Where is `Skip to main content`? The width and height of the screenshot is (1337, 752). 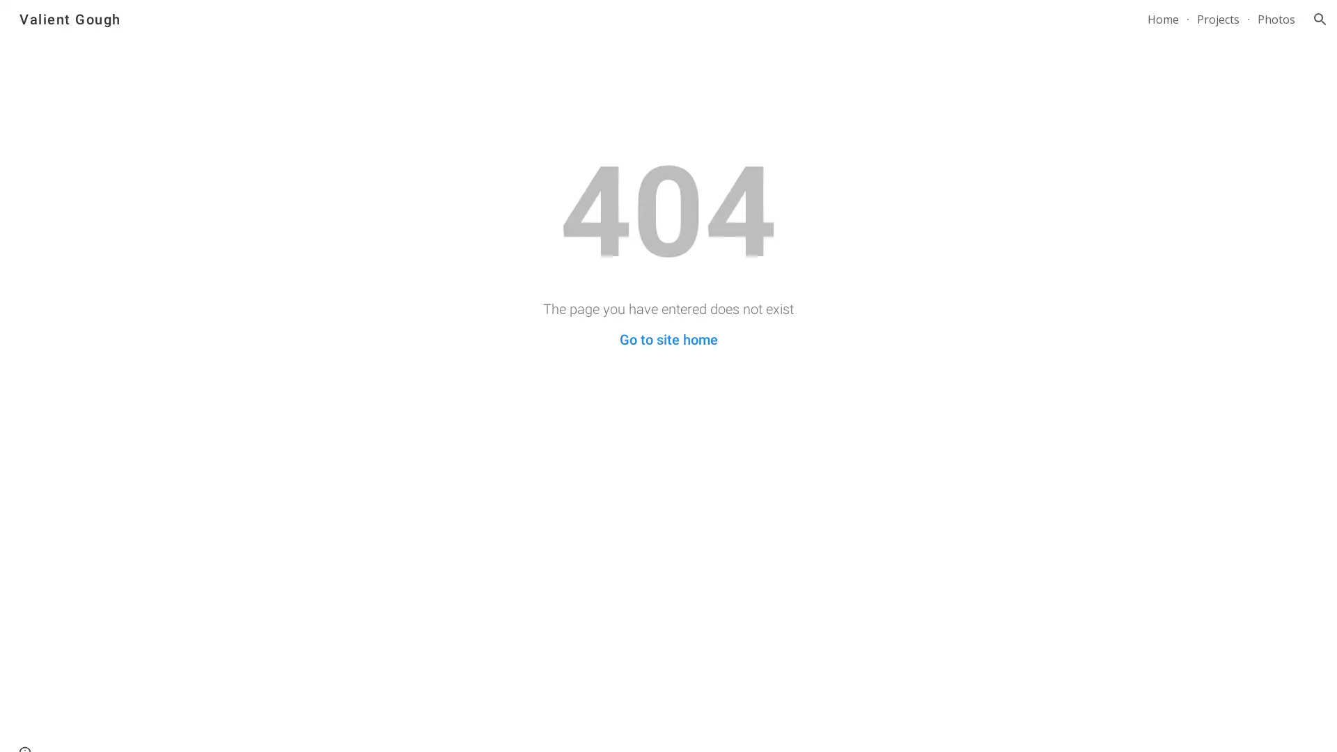
Skip to main content is located at coordinates (548, 26).